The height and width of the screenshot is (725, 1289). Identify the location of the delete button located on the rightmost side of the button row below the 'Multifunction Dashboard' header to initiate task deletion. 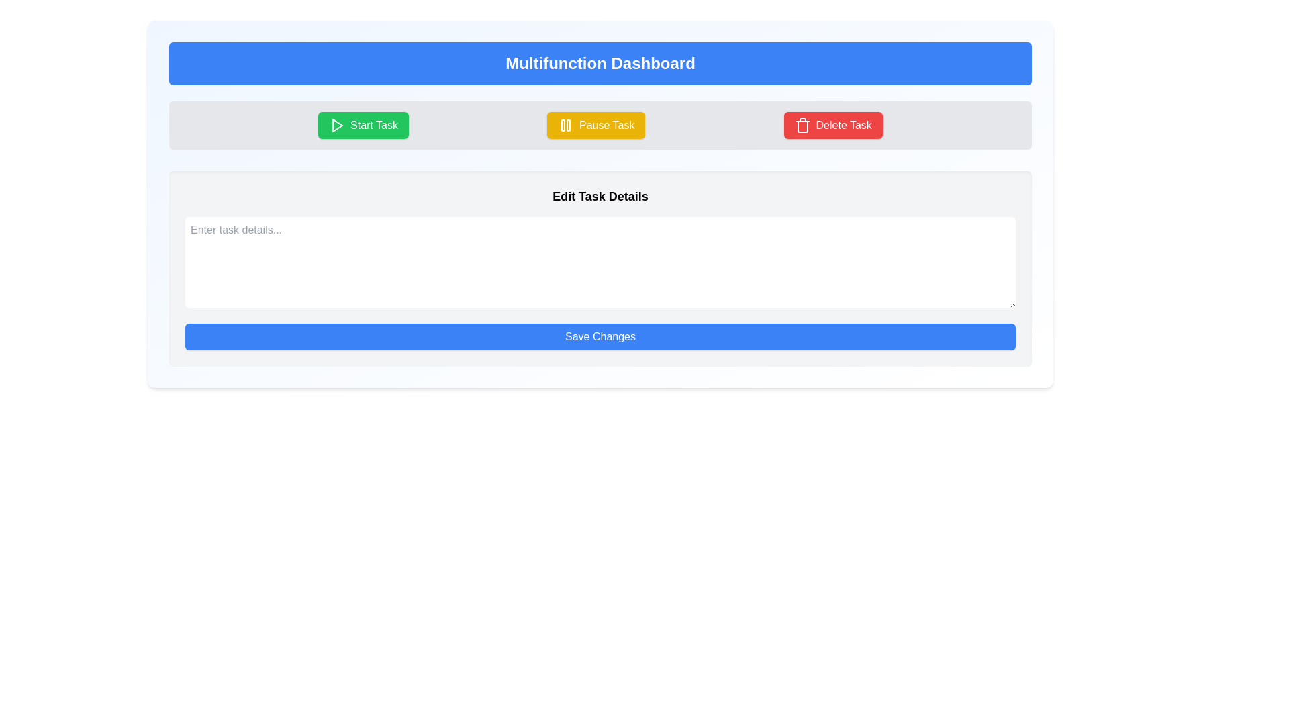
(832, 125).